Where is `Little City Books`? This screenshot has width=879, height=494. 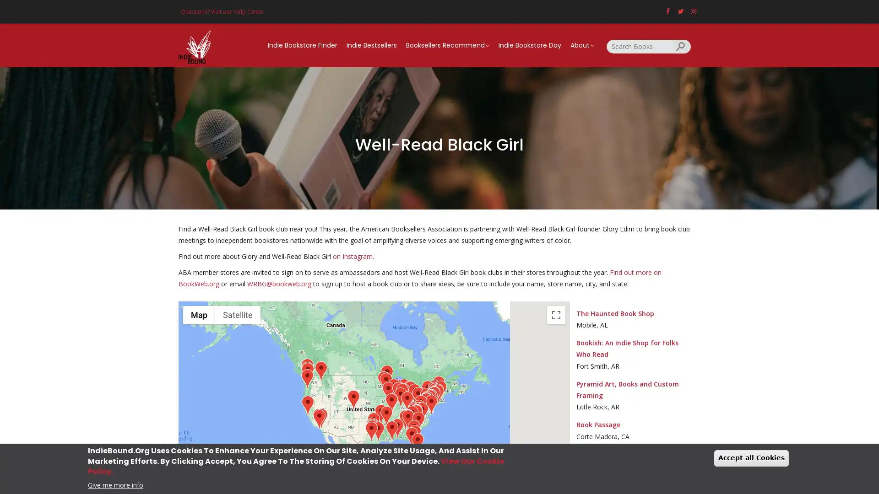
Little City Books is located at coordinates (433, 395).